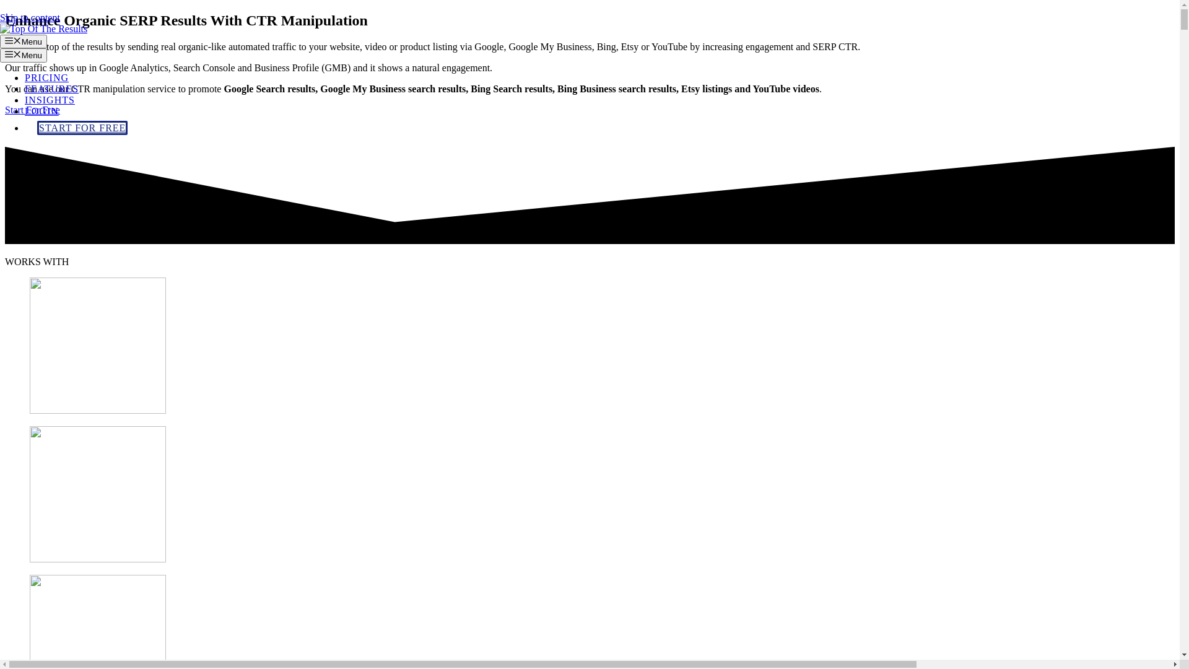 This screenshot has width=1189, height=669. What do you see at coordinates (30, 17) in the screenshot?
I see `'Skip to content'` at bounding box center [30, 17].